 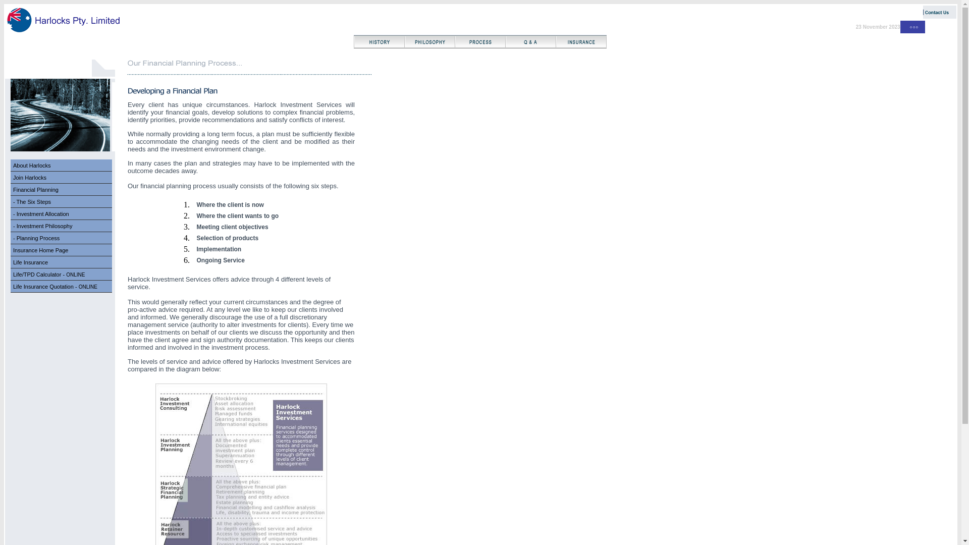 I want to click on 'Join Harlocks', so click(x=29, y=177).